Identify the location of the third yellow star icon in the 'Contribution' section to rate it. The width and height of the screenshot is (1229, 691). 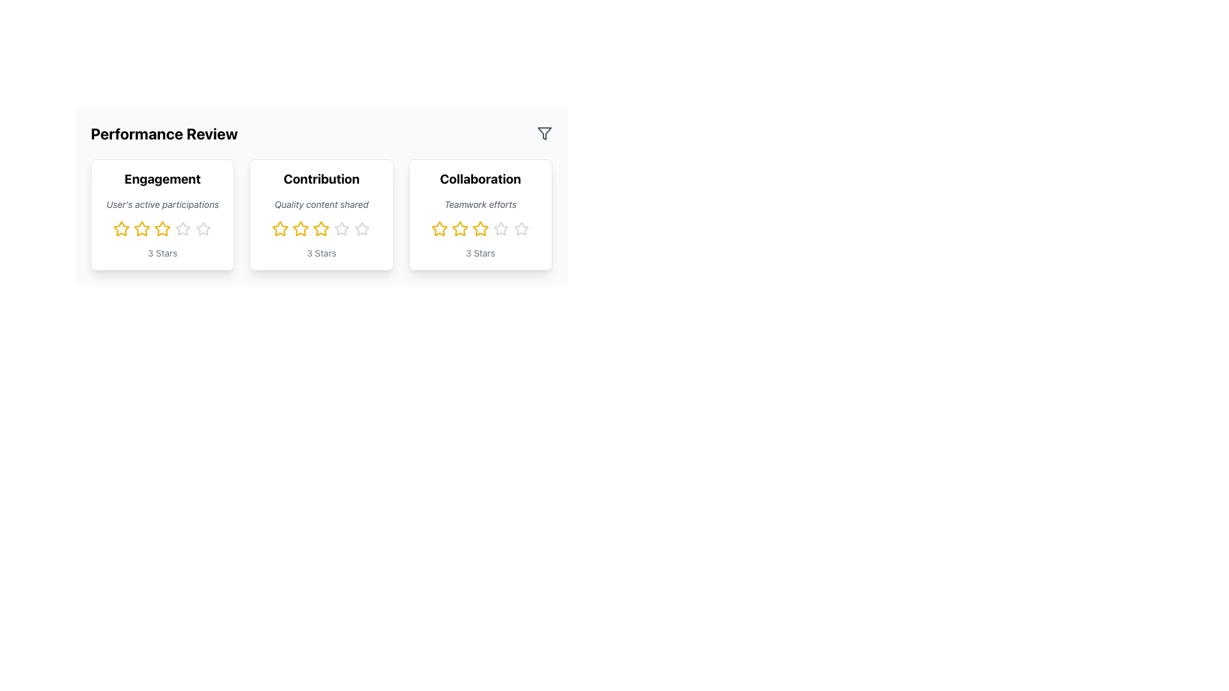
(321, 228).